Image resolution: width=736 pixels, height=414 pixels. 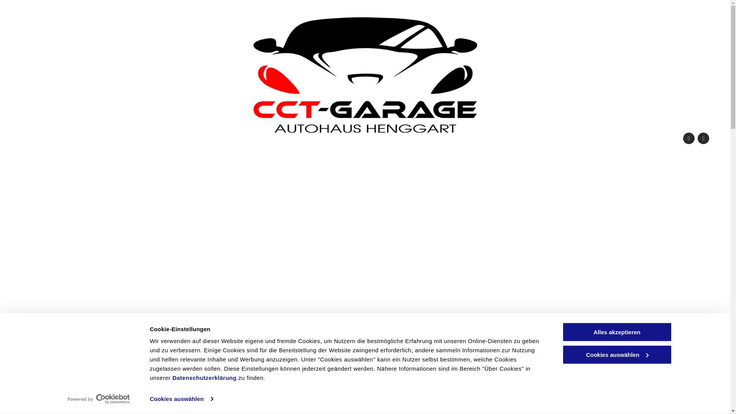 What do you see at coordinates (562, 332) in the screenshot?
I see `'Alles akzeptieren'` at bounding box center [562, 332].